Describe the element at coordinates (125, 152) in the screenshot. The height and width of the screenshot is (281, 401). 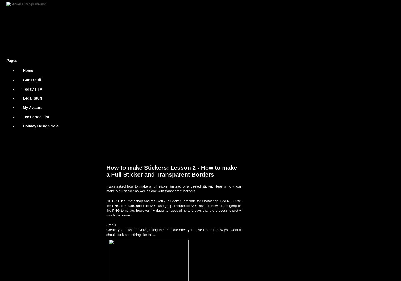
I see `'Tuesday, July 12, 2011'` at that location.